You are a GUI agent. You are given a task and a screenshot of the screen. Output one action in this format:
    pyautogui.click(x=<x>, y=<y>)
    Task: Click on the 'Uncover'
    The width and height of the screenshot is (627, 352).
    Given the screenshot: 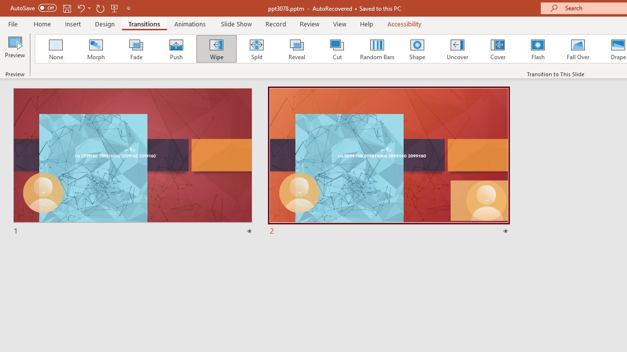 What is the action you would take?
    pyautogui.click(x=457, y=49)
    